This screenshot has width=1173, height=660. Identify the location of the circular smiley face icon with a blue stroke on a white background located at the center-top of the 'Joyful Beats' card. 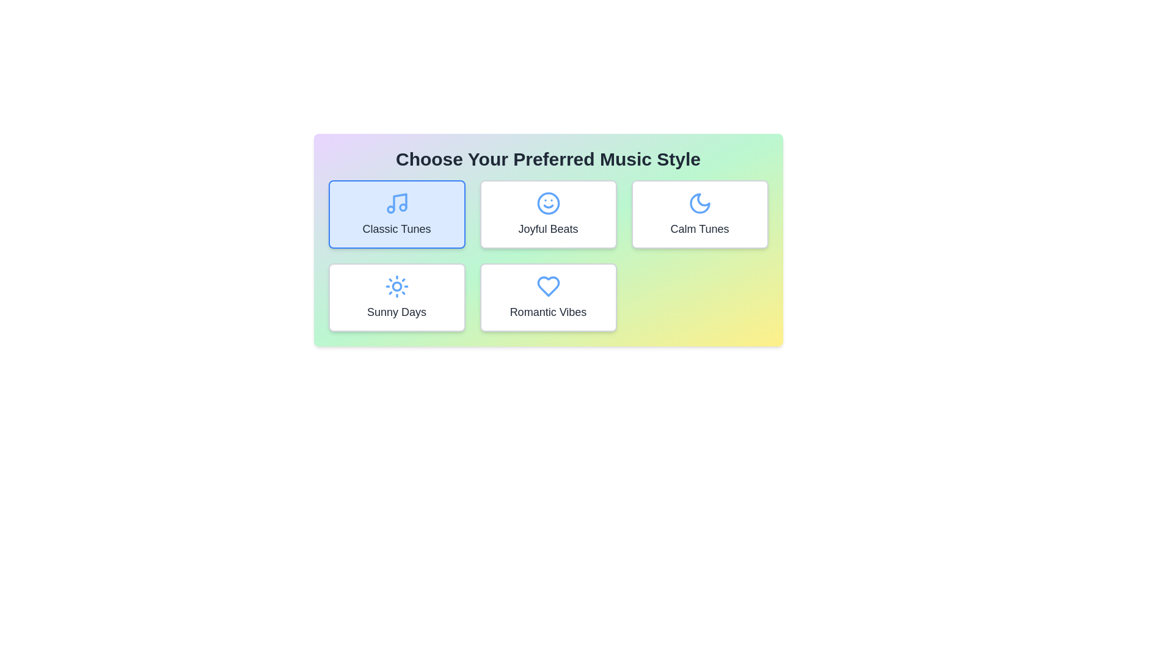
(547, 202).